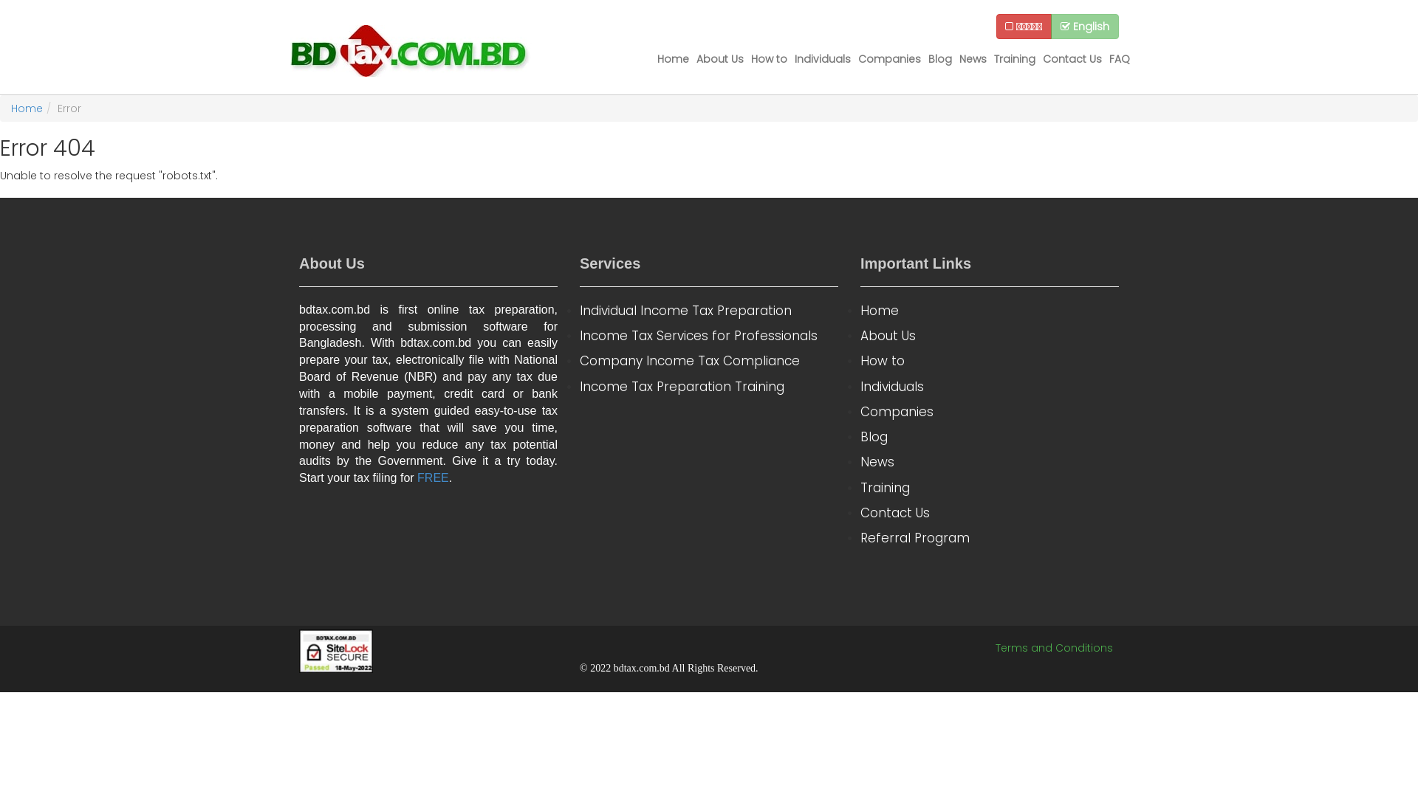 The height and width of the screenshot is (797, 1418). What do you see at coordinates (719, 58) in the screenshot?
I see `'About Us'` at bounding box center [719, 58].